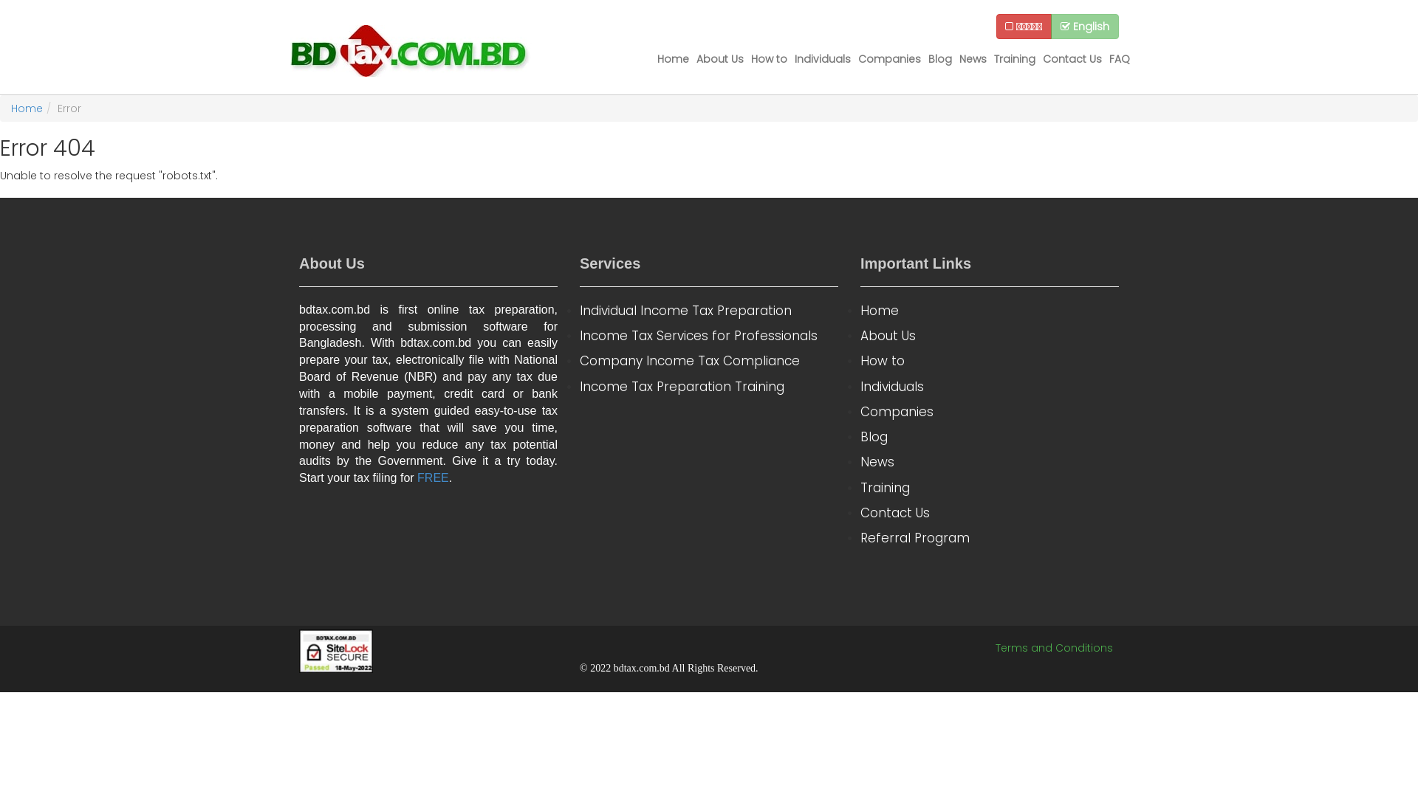 The height and width of the screenshot is (797, 1418). What do you see at coordinates (719, 58) in the screenshot?
I see `'About Us'` at bounding box center [719, 58].